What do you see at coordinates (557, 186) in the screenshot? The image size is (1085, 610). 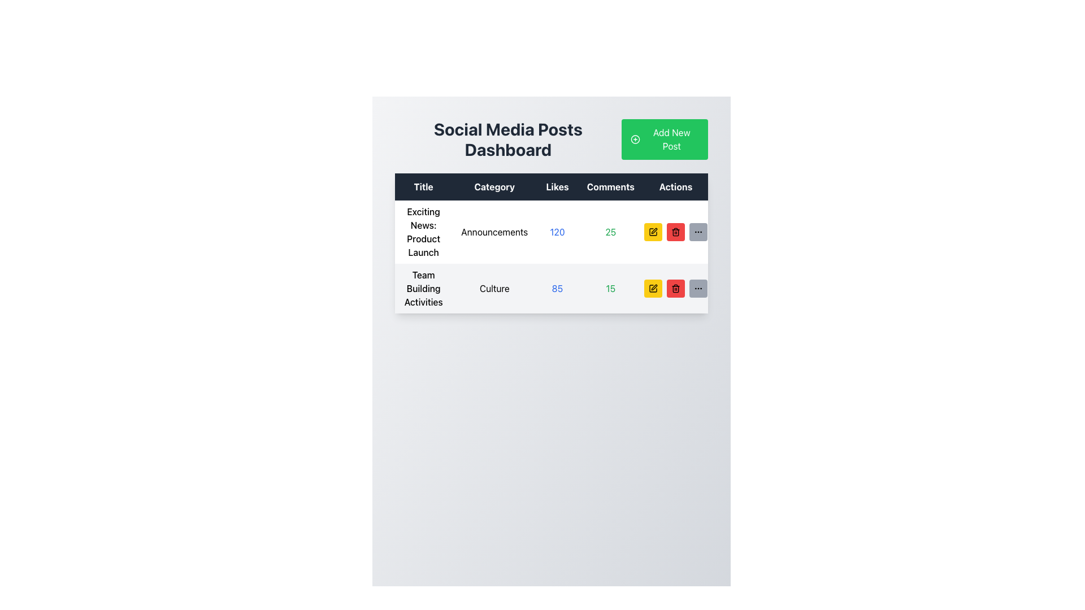 I see `the 'Likes' static text element located in the header row of the table, which displays the word 'Likes' in white text on a dark background` at bounding box center [557, 186].